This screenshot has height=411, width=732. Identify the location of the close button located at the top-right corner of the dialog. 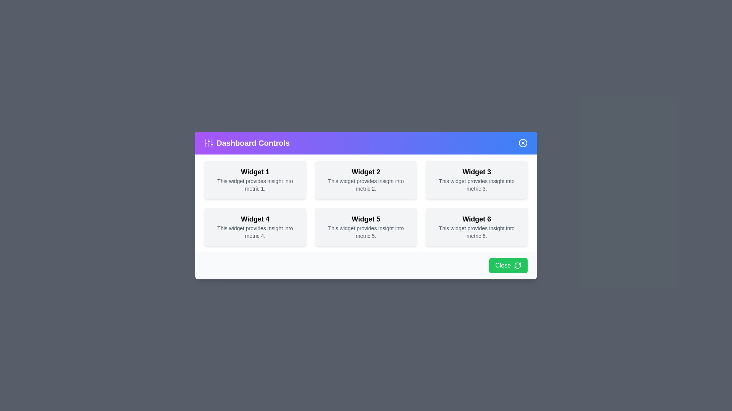
(523, 143).